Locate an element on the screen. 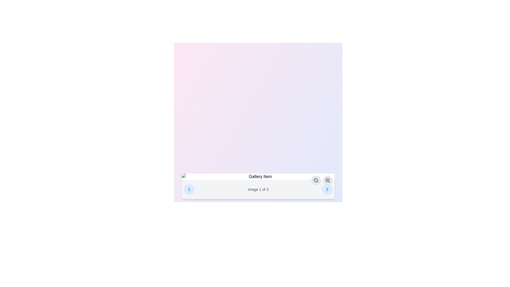 This screenshot has height=287, width=510. the blue rightwards chevron SVG icon inside the circular button located at the bottom right side of the interface is located at coordinates (327, 189).